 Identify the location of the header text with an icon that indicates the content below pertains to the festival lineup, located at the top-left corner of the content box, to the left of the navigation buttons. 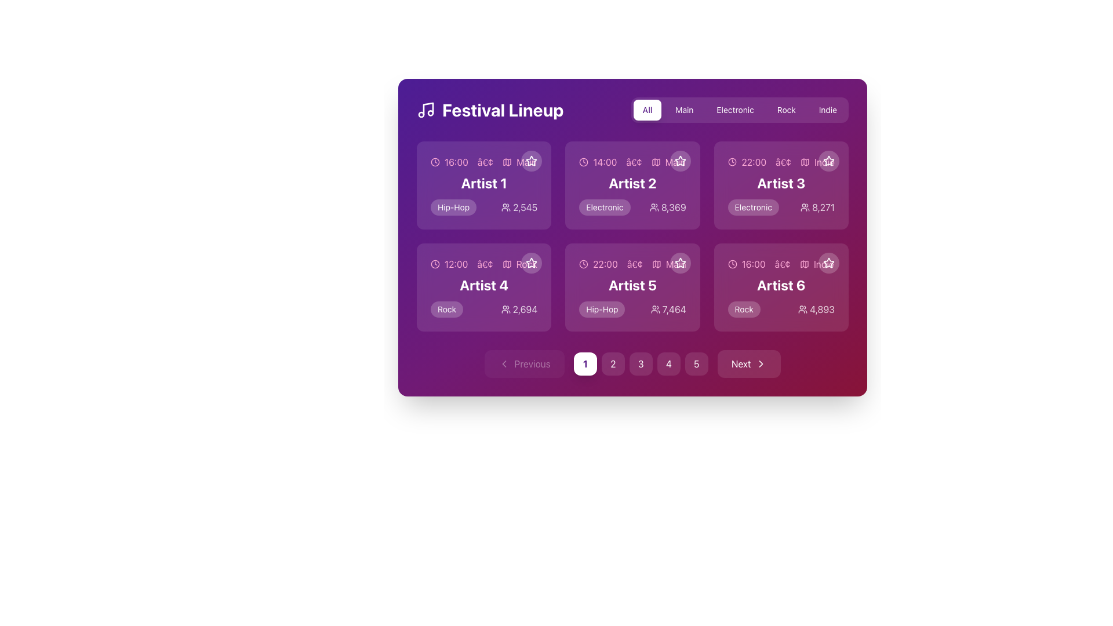
(490, 110).